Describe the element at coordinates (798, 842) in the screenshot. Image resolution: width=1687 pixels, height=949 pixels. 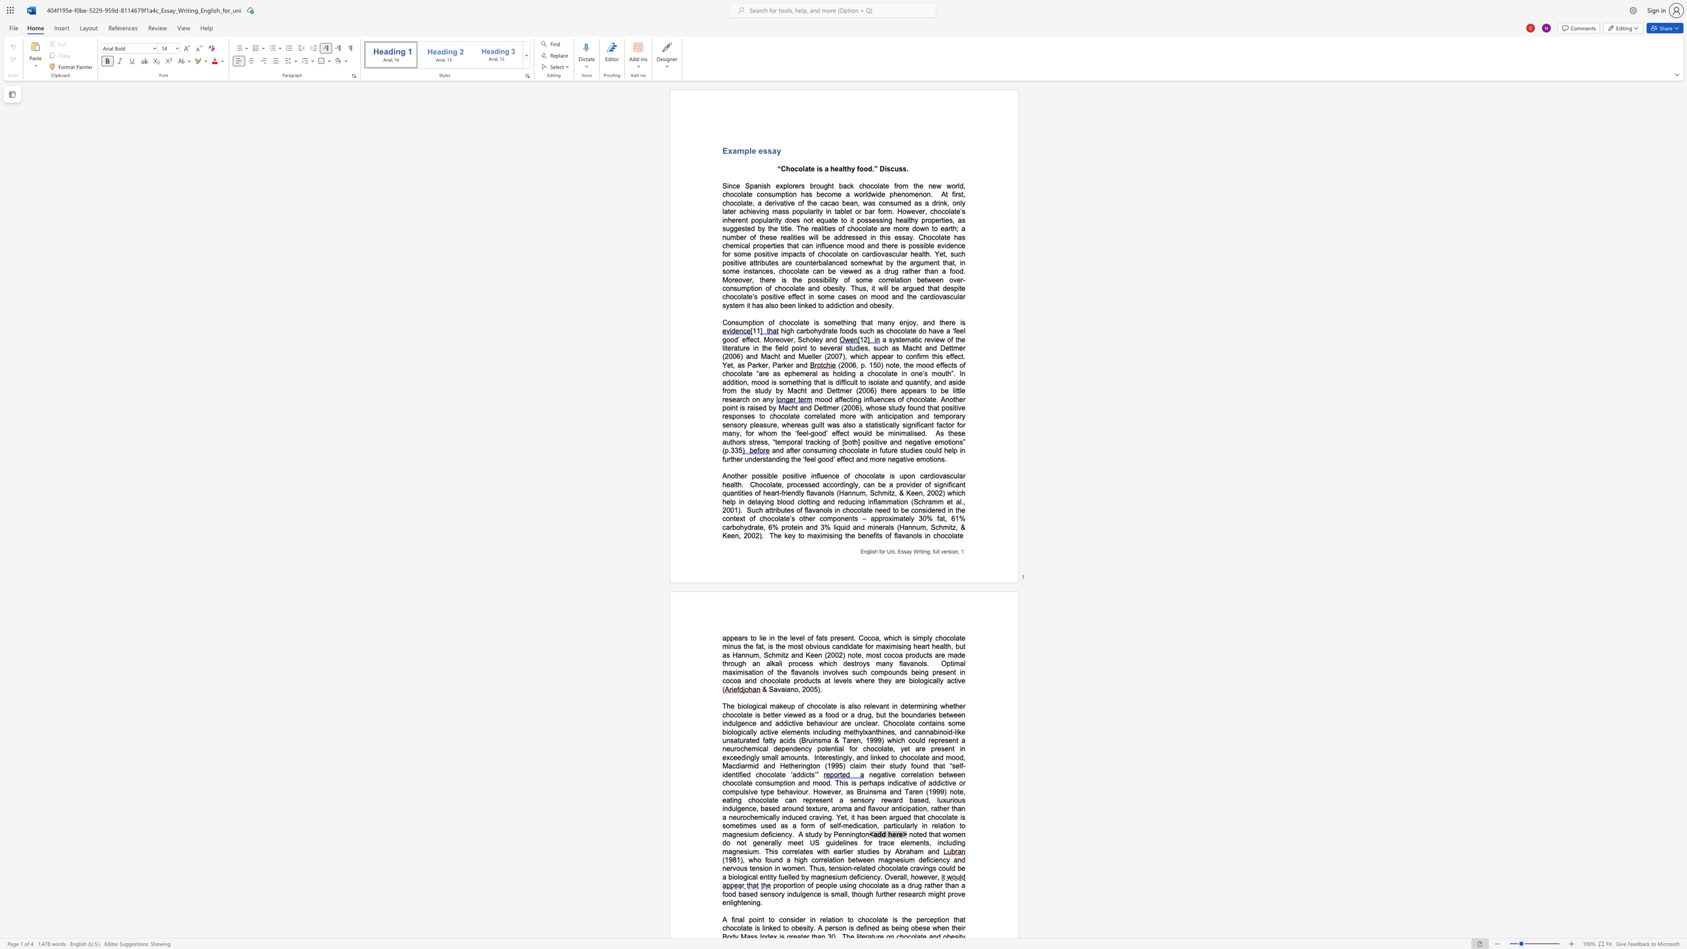
I see `the subset text "et" within the text "generally meet"` at that location.